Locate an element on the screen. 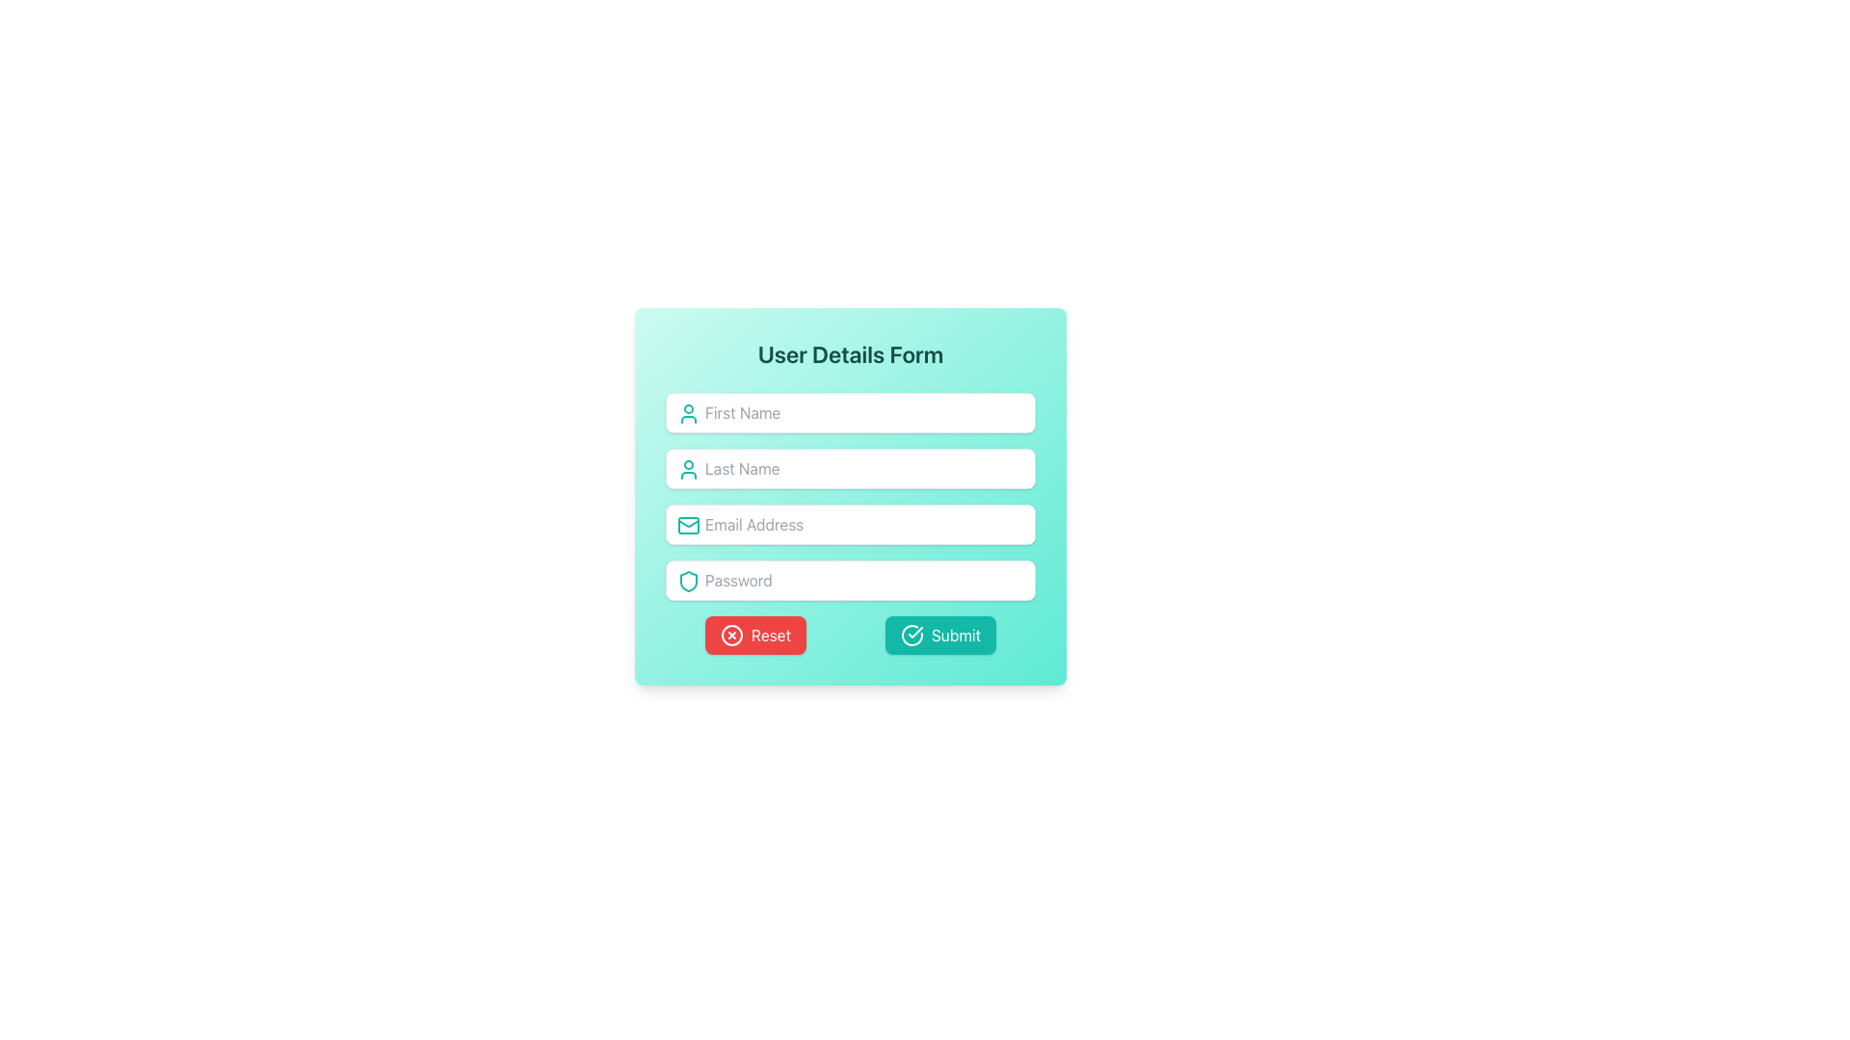 The height and width of the screenshot is (1040, 1850). text displayed in the 'User Details Form' label, which is a bold, large text at the top center of the form card is located at coordinates (850, 353).